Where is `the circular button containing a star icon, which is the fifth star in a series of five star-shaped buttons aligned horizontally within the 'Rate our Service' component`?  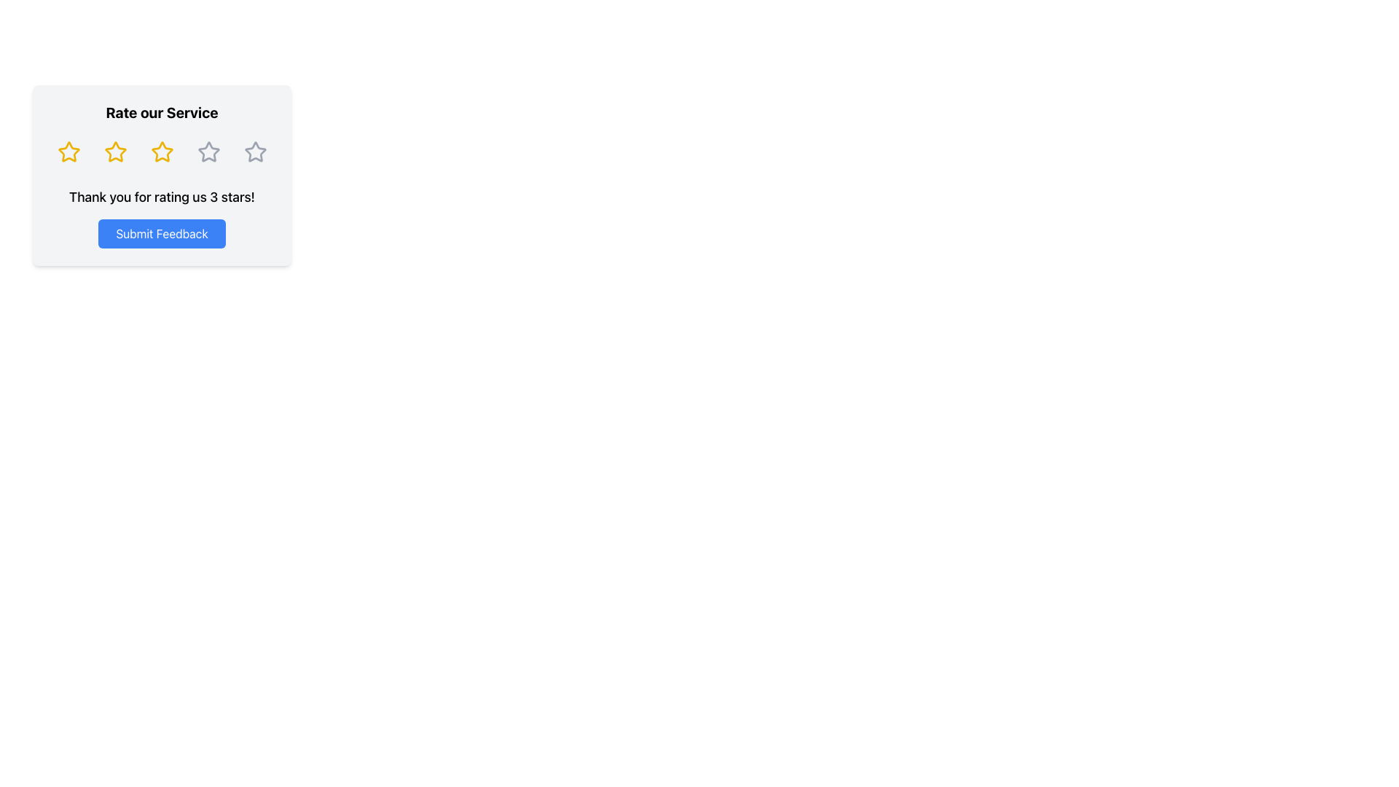
the circular button containing a star icon, which is the fifth star in a series of five star-shaped buttons aligned horizontally within the 'Rate our Service' component is located at coordinates (255, 152).